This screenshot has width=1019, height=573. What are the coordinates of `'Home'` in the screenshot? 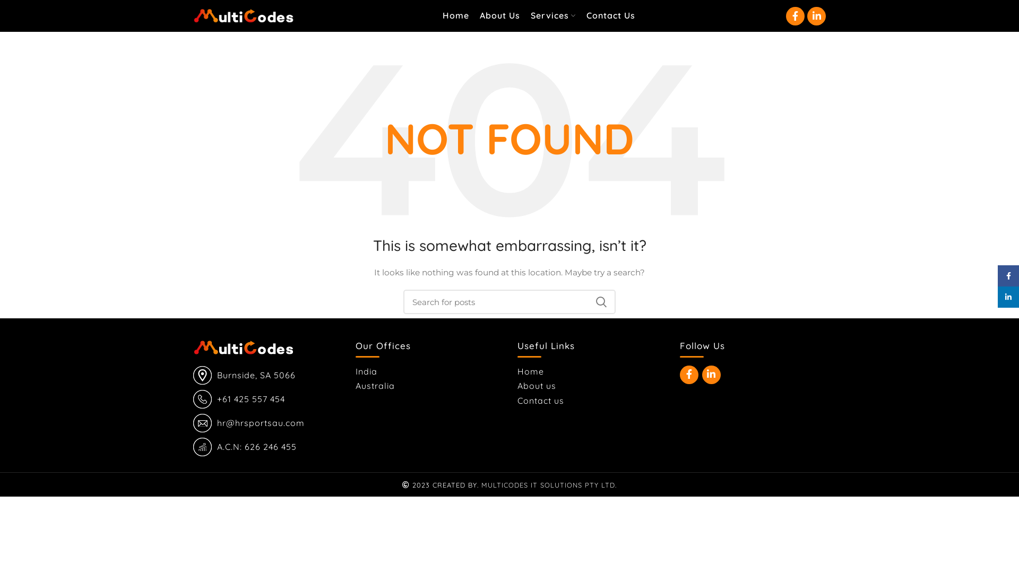 It's located at (531, 370).